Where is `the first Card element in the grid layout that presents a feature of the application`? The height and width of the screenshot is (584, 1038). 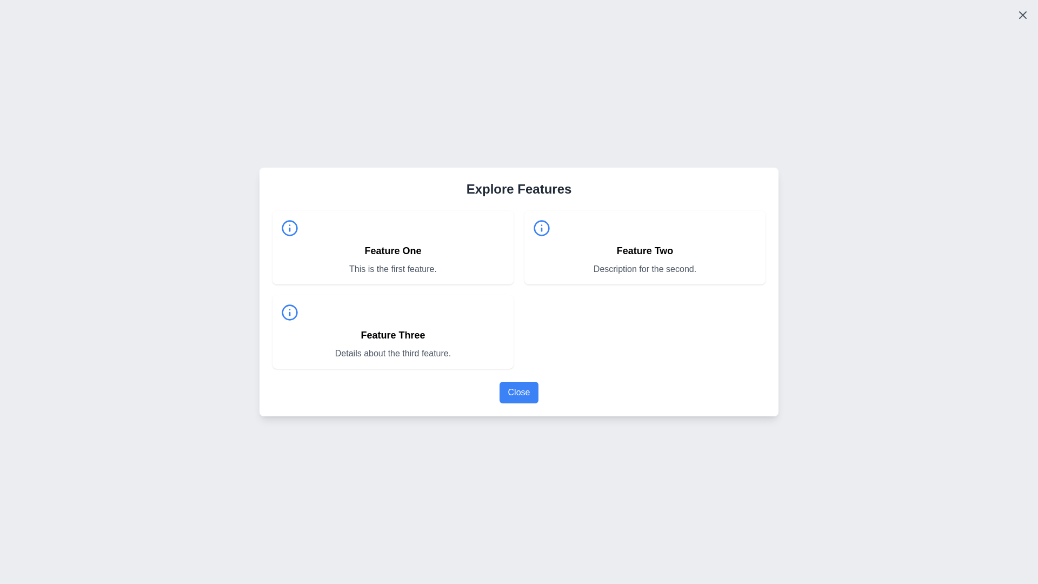 the first Card element in the grid layout that presents a feature of the application is located at coordinates (392, 248).